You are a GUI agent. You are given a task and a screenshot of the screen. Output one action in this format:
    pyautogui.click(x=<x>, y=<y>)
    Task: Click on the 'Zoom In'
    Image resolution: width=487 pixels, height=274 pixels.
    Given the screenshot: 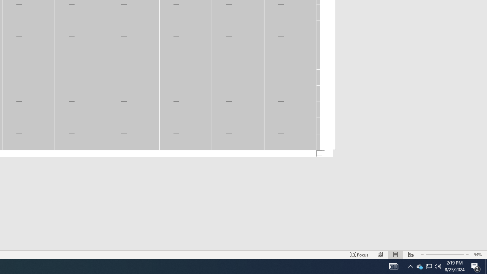 What is the action you would take?
    pyautogui.click(x=454, y=255)
    